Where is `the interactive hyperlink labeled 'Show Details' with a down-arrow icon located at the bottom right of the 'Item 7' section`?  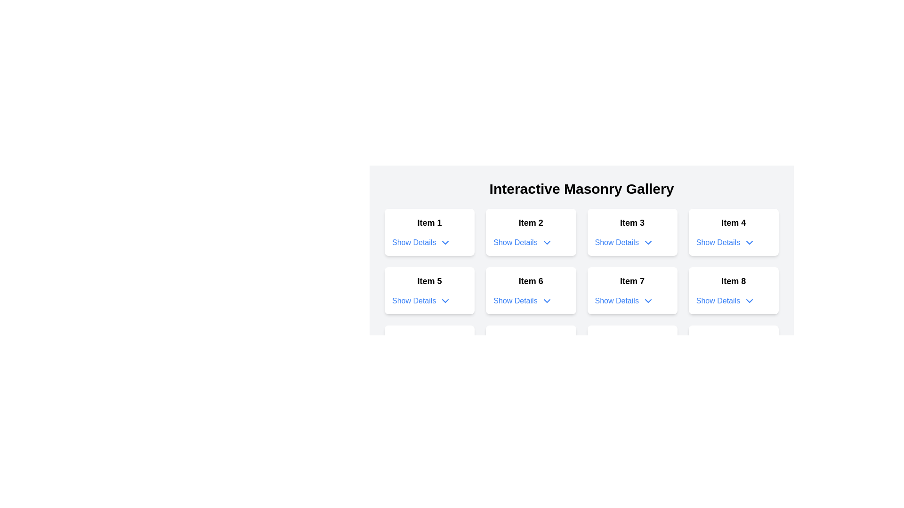 the interactive hyperlink labeled 'Show Details' with a down-arrow icon located at the bottom right of the 'Item 7' section is located at coordinates (624, 301).